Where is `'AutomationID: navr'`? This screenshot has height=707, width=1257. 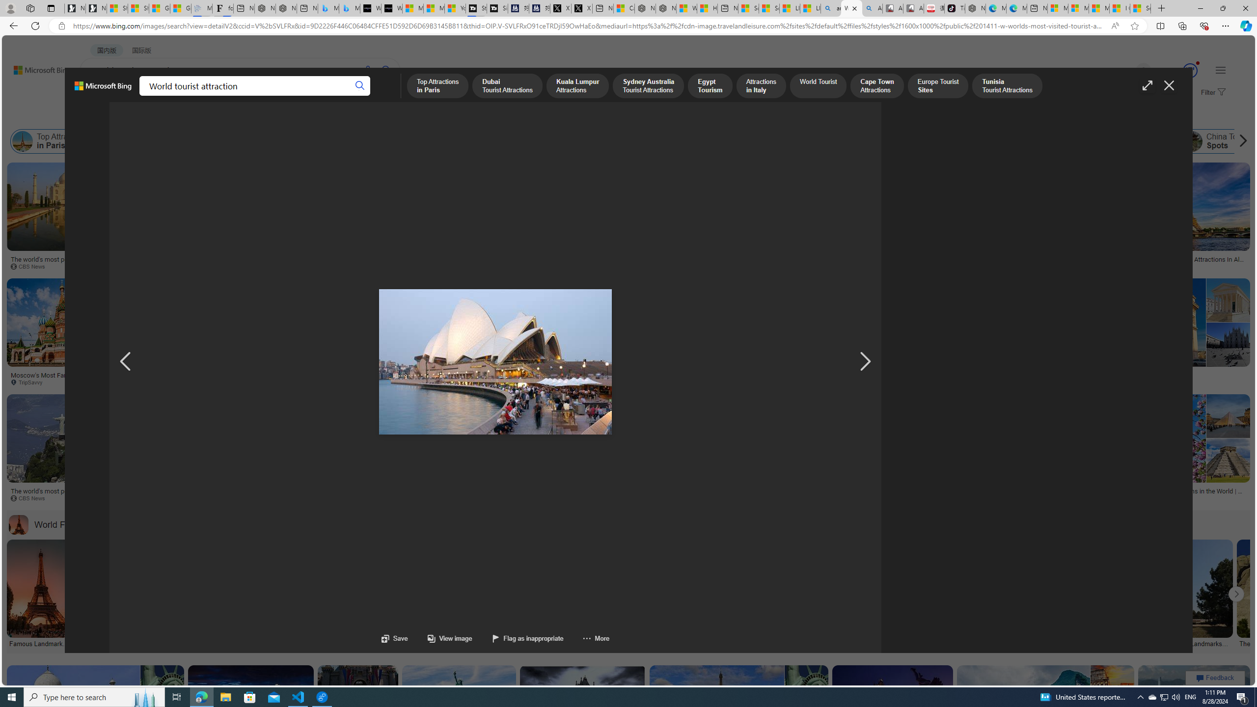
'AutomationID: navr' is located at coordinates (865, 361).